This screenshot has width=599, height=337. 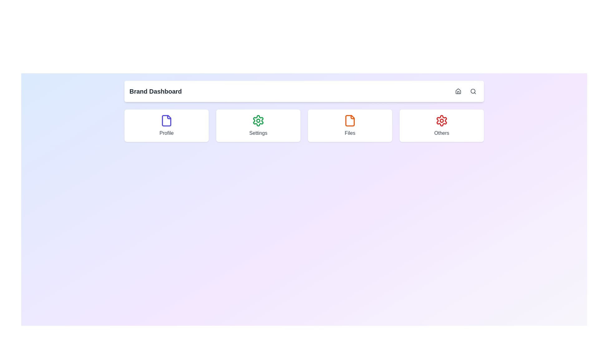 I want to click on the search icon button, which is a dark gray magnifying glass located at the top-right of the interface, to initiate a search action, so click(x=473, y=91).